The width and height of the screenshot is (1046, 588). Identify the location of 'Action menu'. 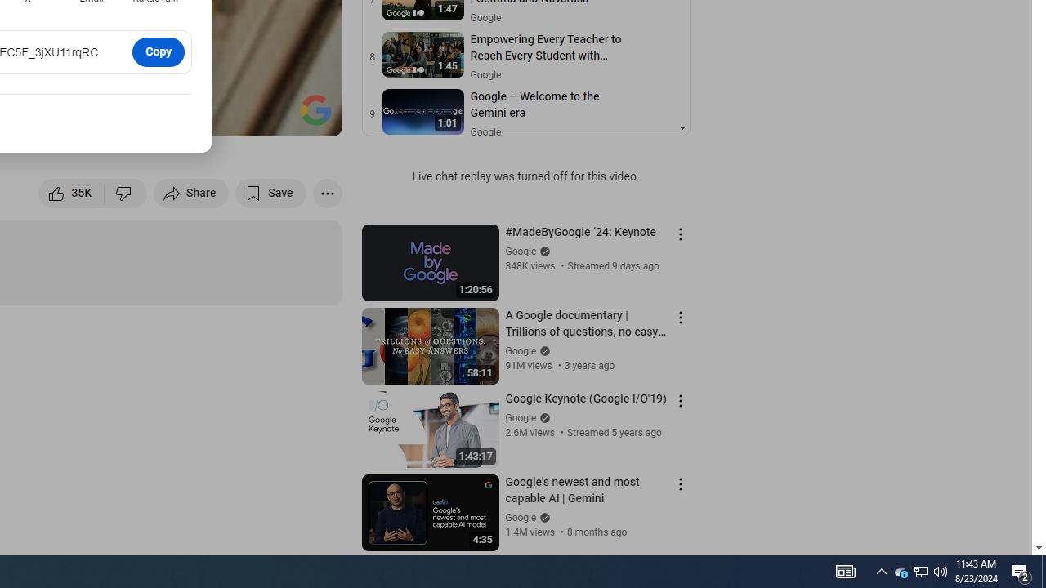
(680, 483).